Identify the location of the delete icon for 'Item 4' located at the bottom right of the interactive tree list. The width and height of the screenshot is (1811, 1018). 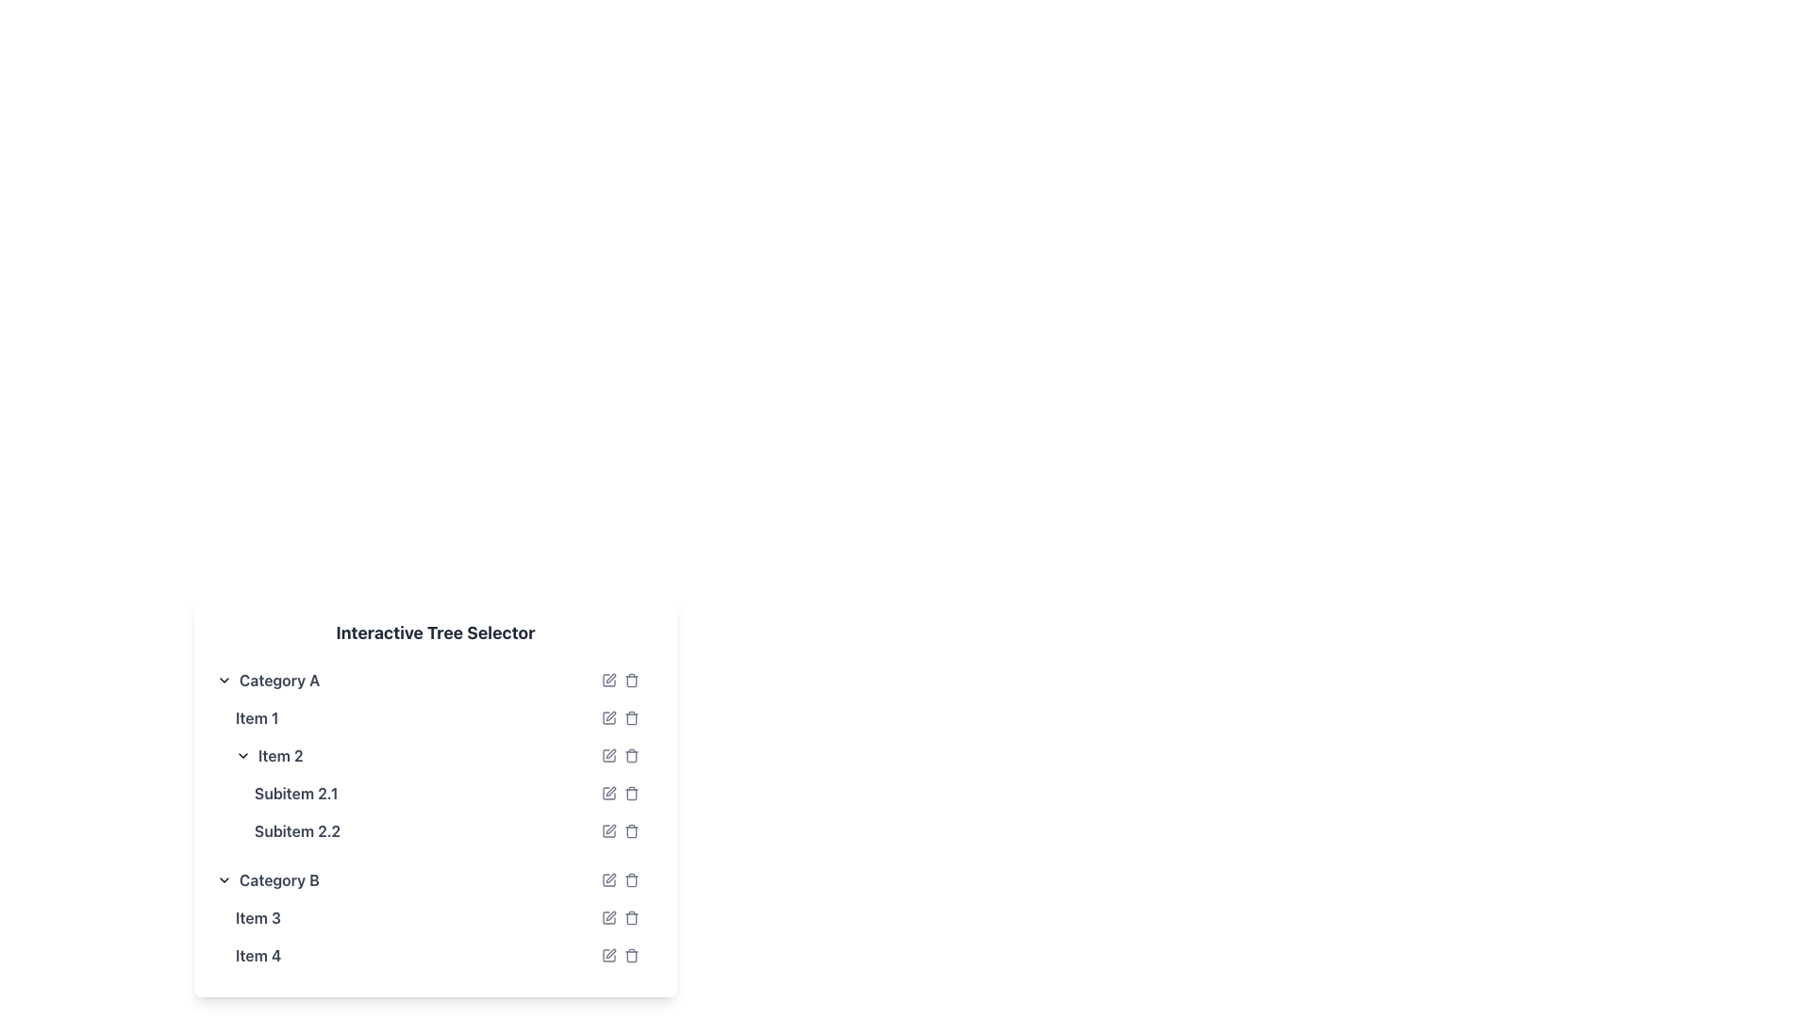
(632, 956).